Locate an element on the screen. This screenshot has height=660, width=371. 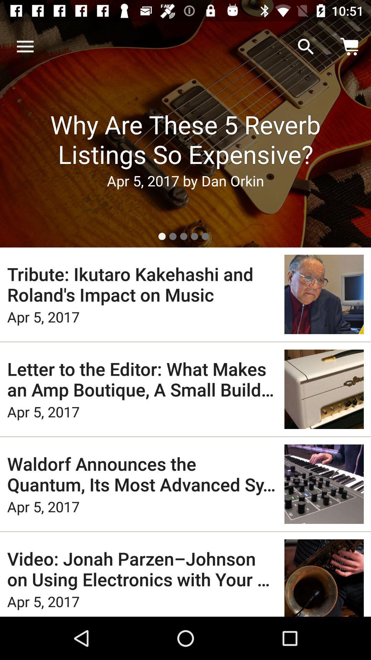
icon above why are these icon is located at coordinates (25, 46).